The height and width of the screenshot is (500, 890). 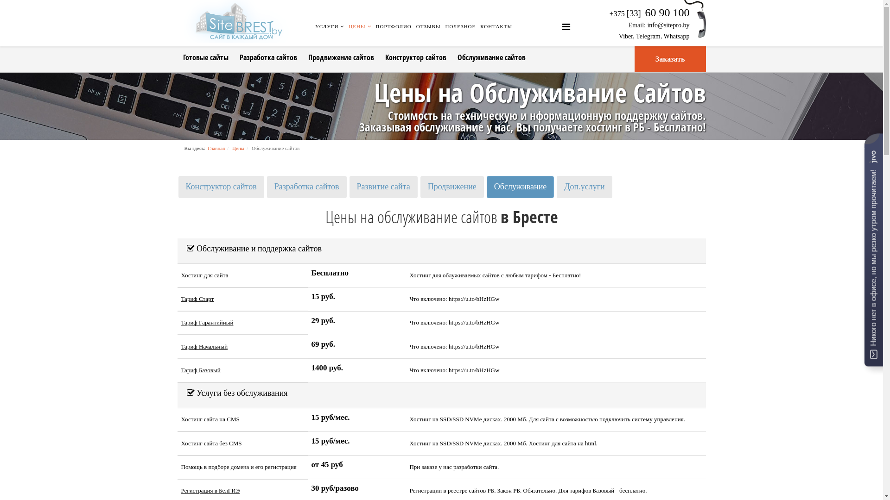 What do you see at coordinates (648, 36) in the screenshot?
I see `'Telegram'` at bounding box center [648, 36].